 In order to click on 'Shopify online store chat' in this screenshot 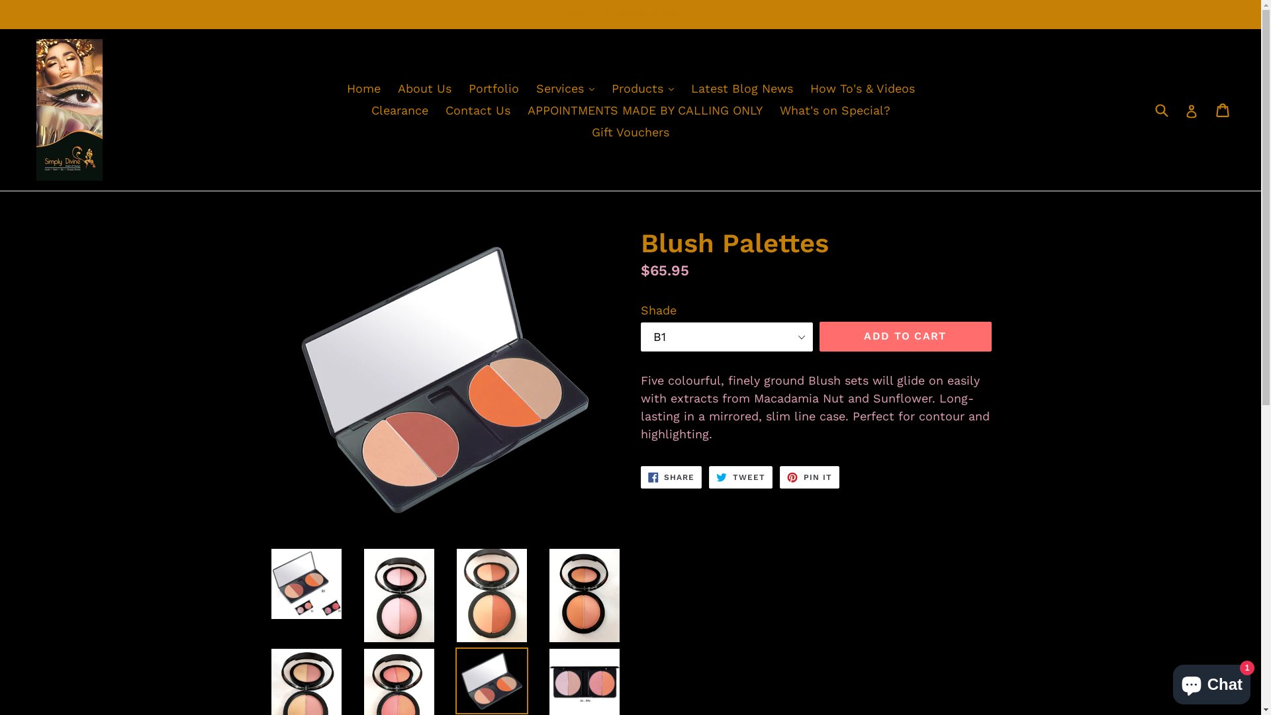, I will do `click(1211, 681)`.